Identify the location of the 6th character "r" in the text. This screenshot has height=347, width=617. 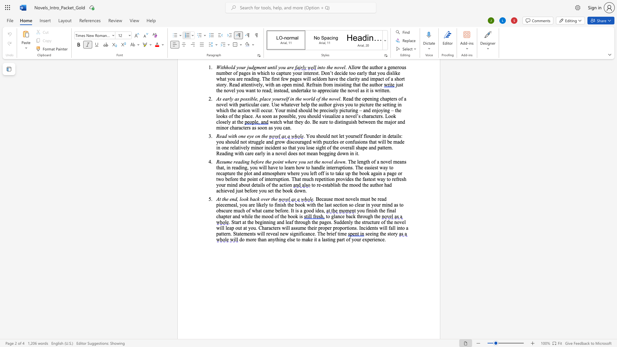
(343, 141).